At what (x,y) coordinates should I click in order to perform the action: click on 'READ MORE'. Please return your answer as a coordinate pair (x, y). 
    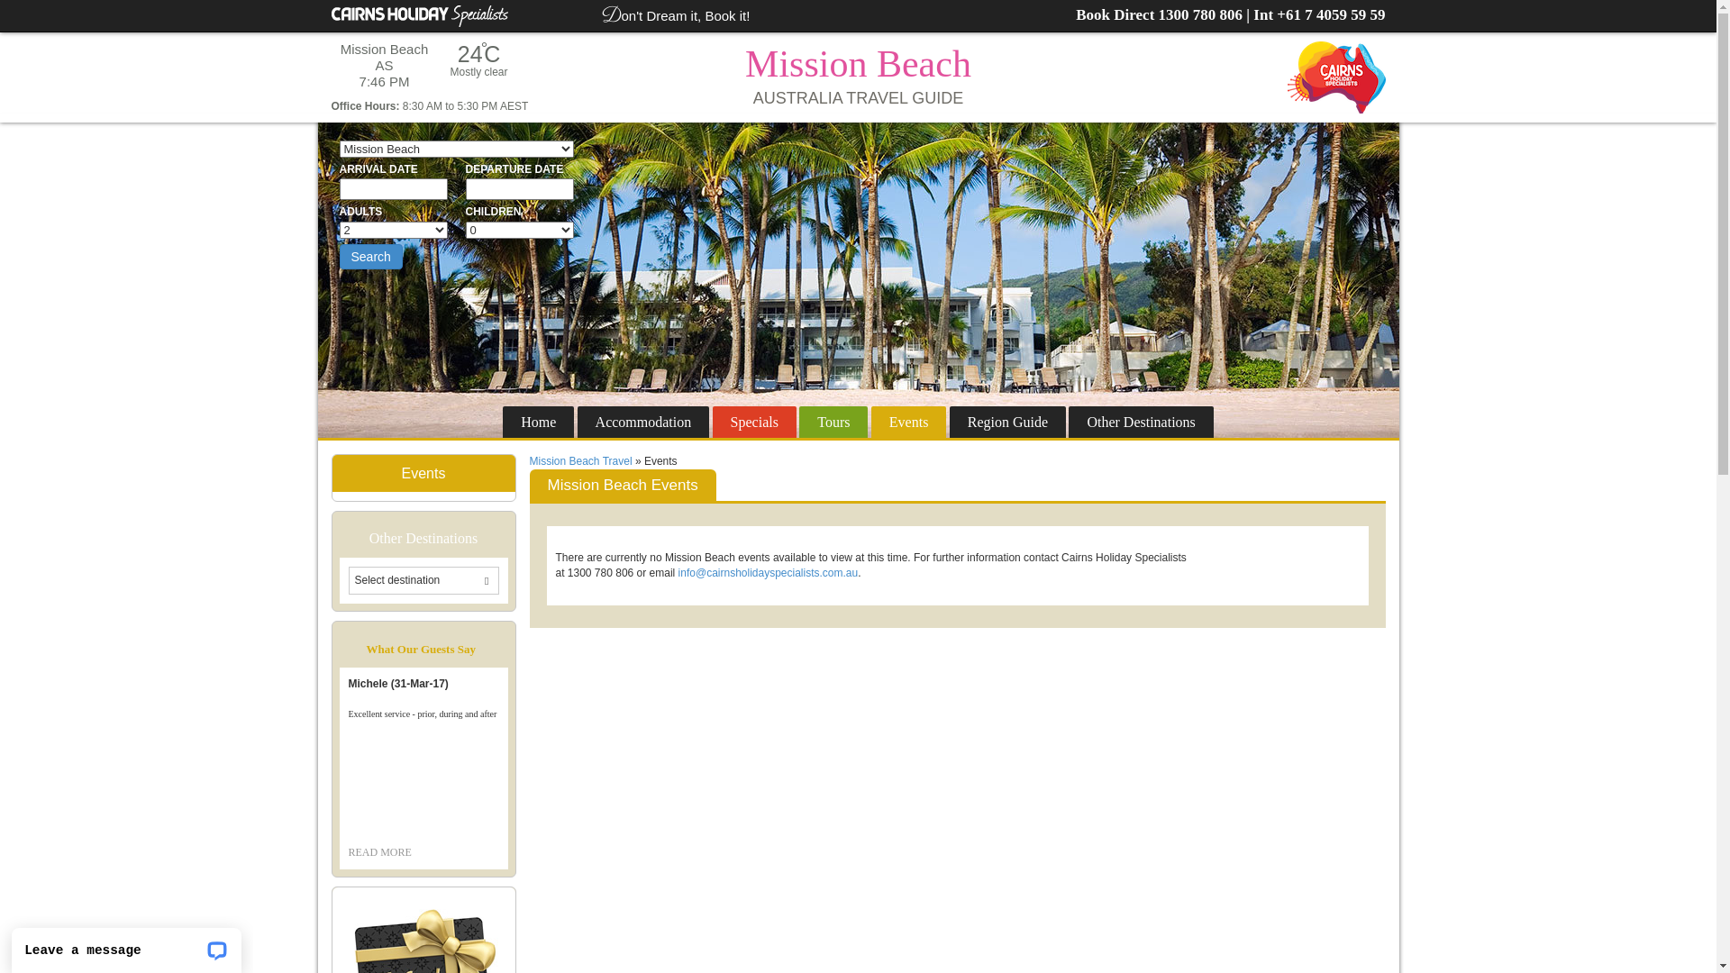
    Looking at the image, I should click on (378, 851).